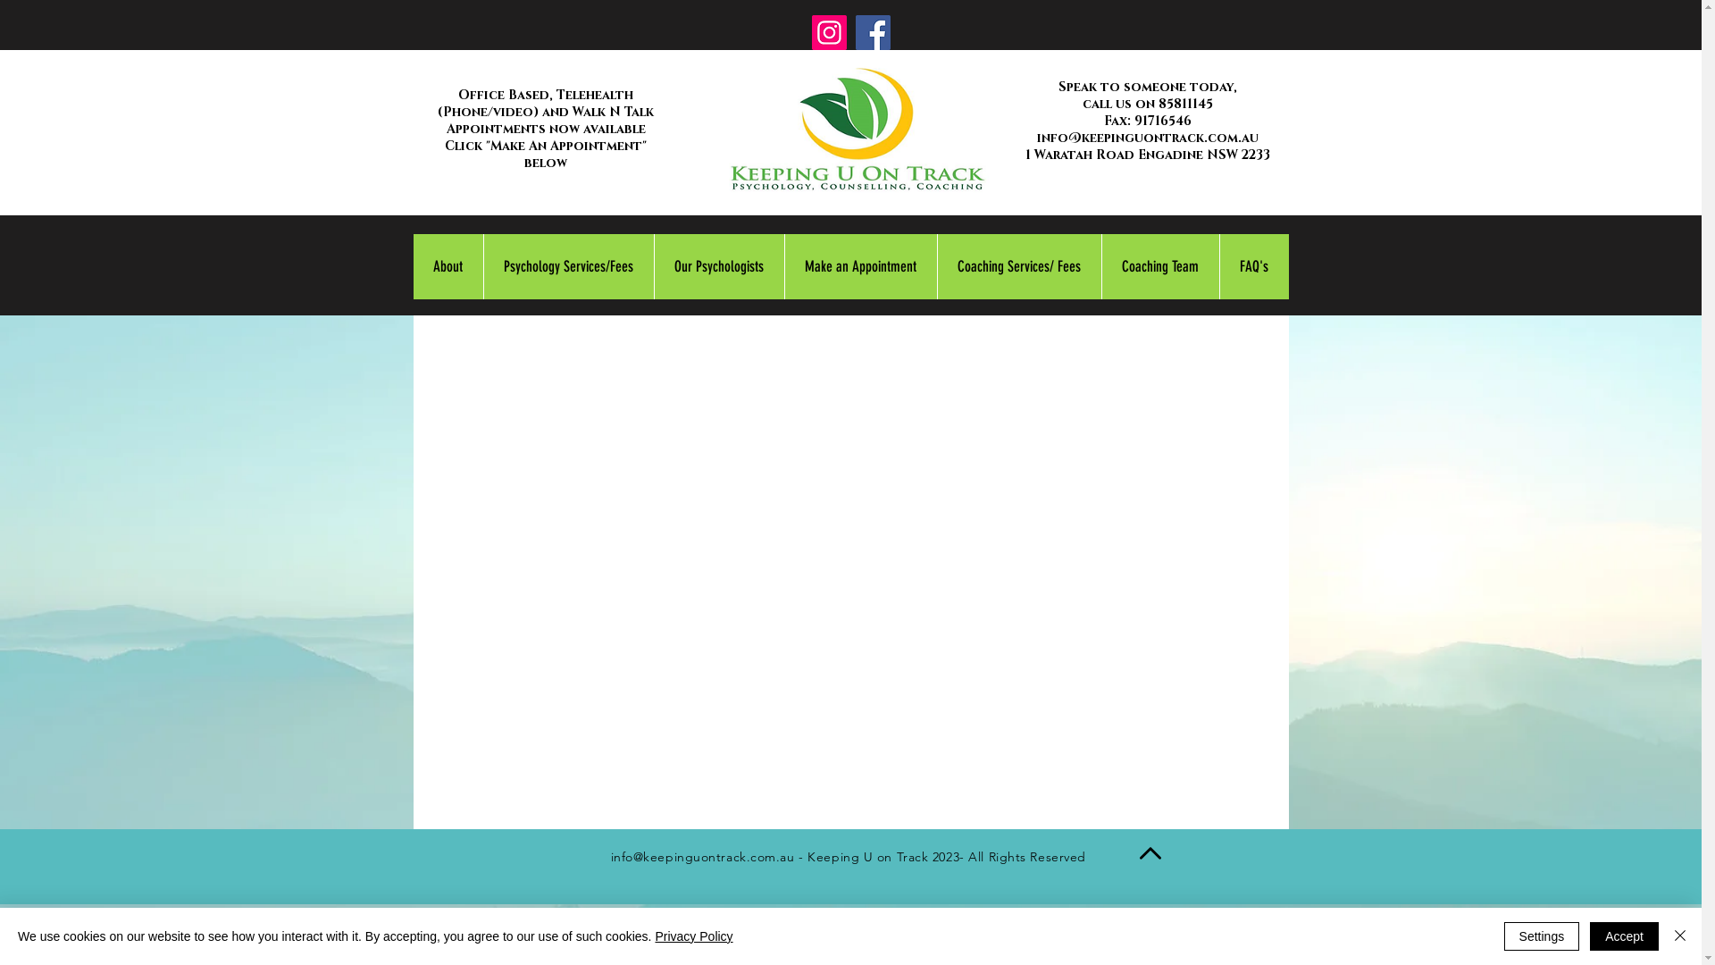  Describe the element at coordinates (934, 266) in the screenshot. I see `'Coaching Services/ Fees'` at that location.